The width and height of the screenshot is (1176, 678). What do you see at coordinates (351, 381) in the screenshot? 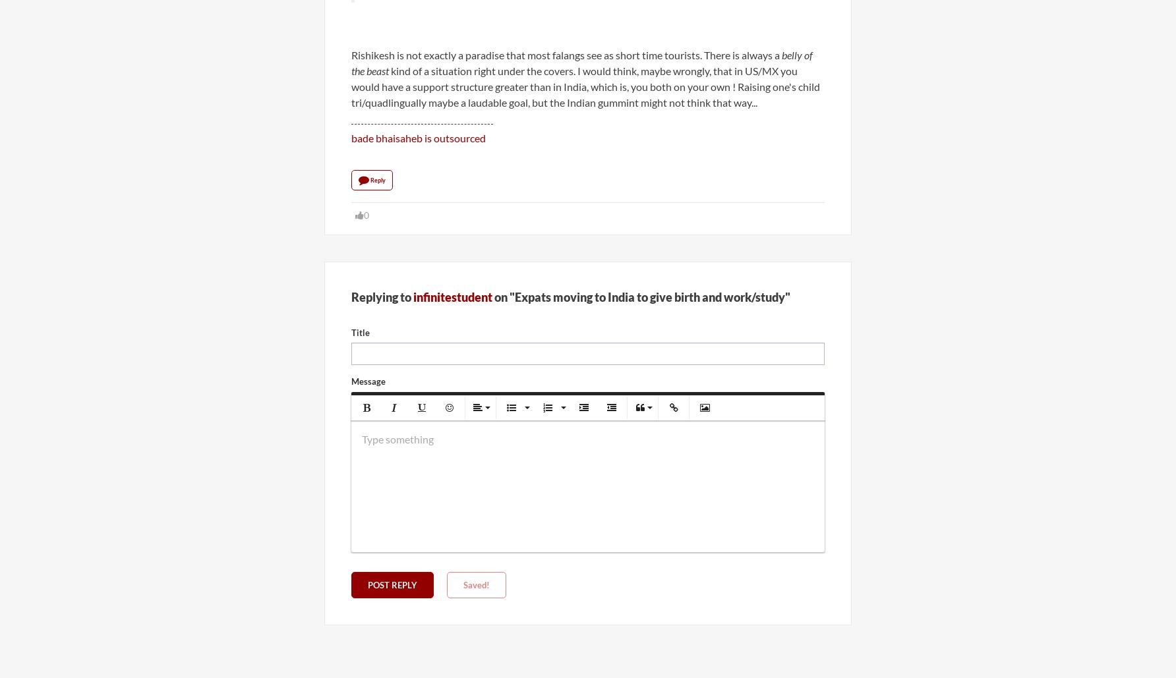
I see `'Message'` at bounding box center [351, 381].